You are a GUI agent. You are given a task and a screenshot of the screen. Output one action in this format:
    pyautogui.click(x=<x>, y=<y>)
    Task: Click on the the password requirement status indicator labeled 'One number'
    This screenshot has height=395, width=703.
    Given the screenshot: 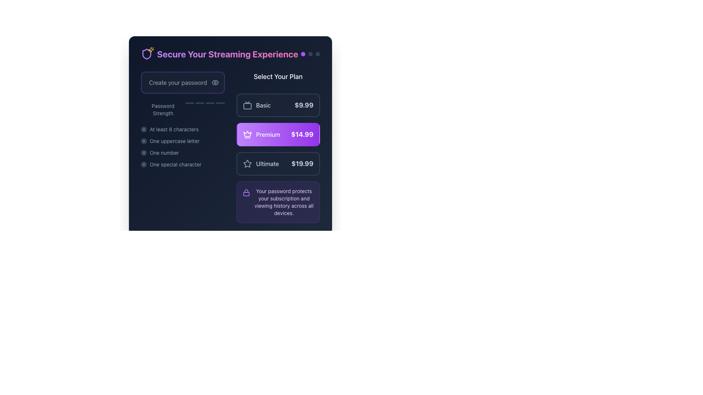 What is the action you would take?
    pyautogui.click(x=183, y=152)
    